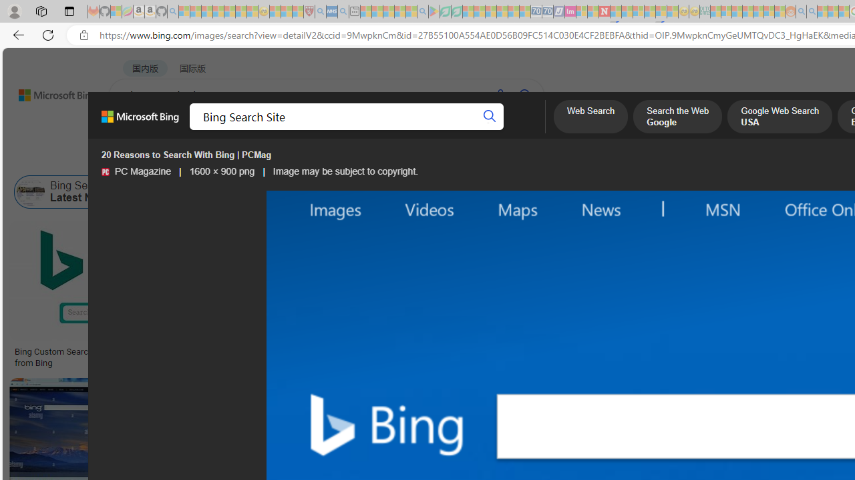 The height and width of the screenshot is (480, 855). What do you see at coordinates (731, 280) in the screenshot?
I see `'Image result for Bing Search Site'` at bounding box center [731, 280].